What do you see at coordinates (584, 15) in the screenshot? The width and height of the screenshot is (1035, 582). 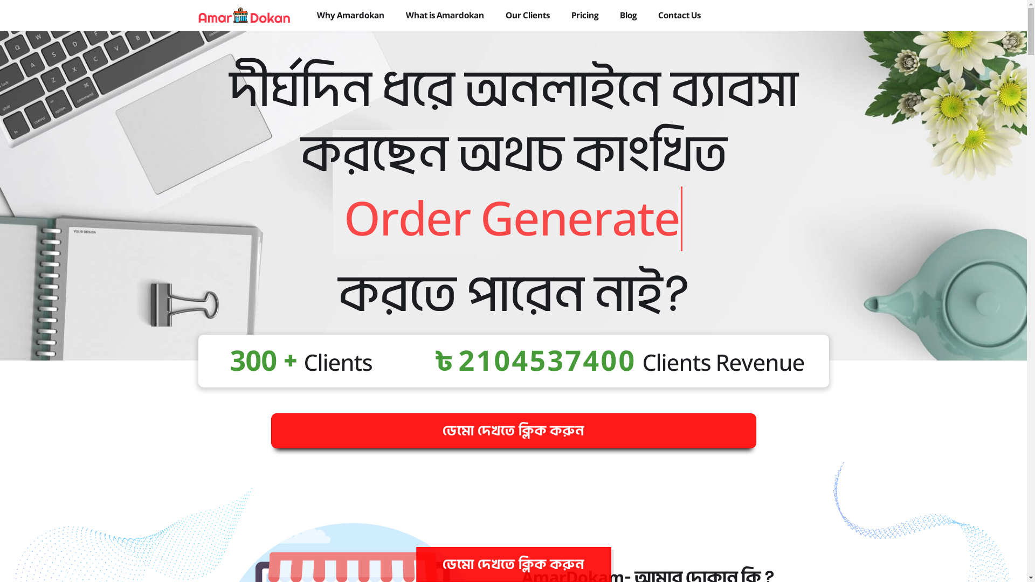 I see `'Pricing'` at bounding box center [584, 15].